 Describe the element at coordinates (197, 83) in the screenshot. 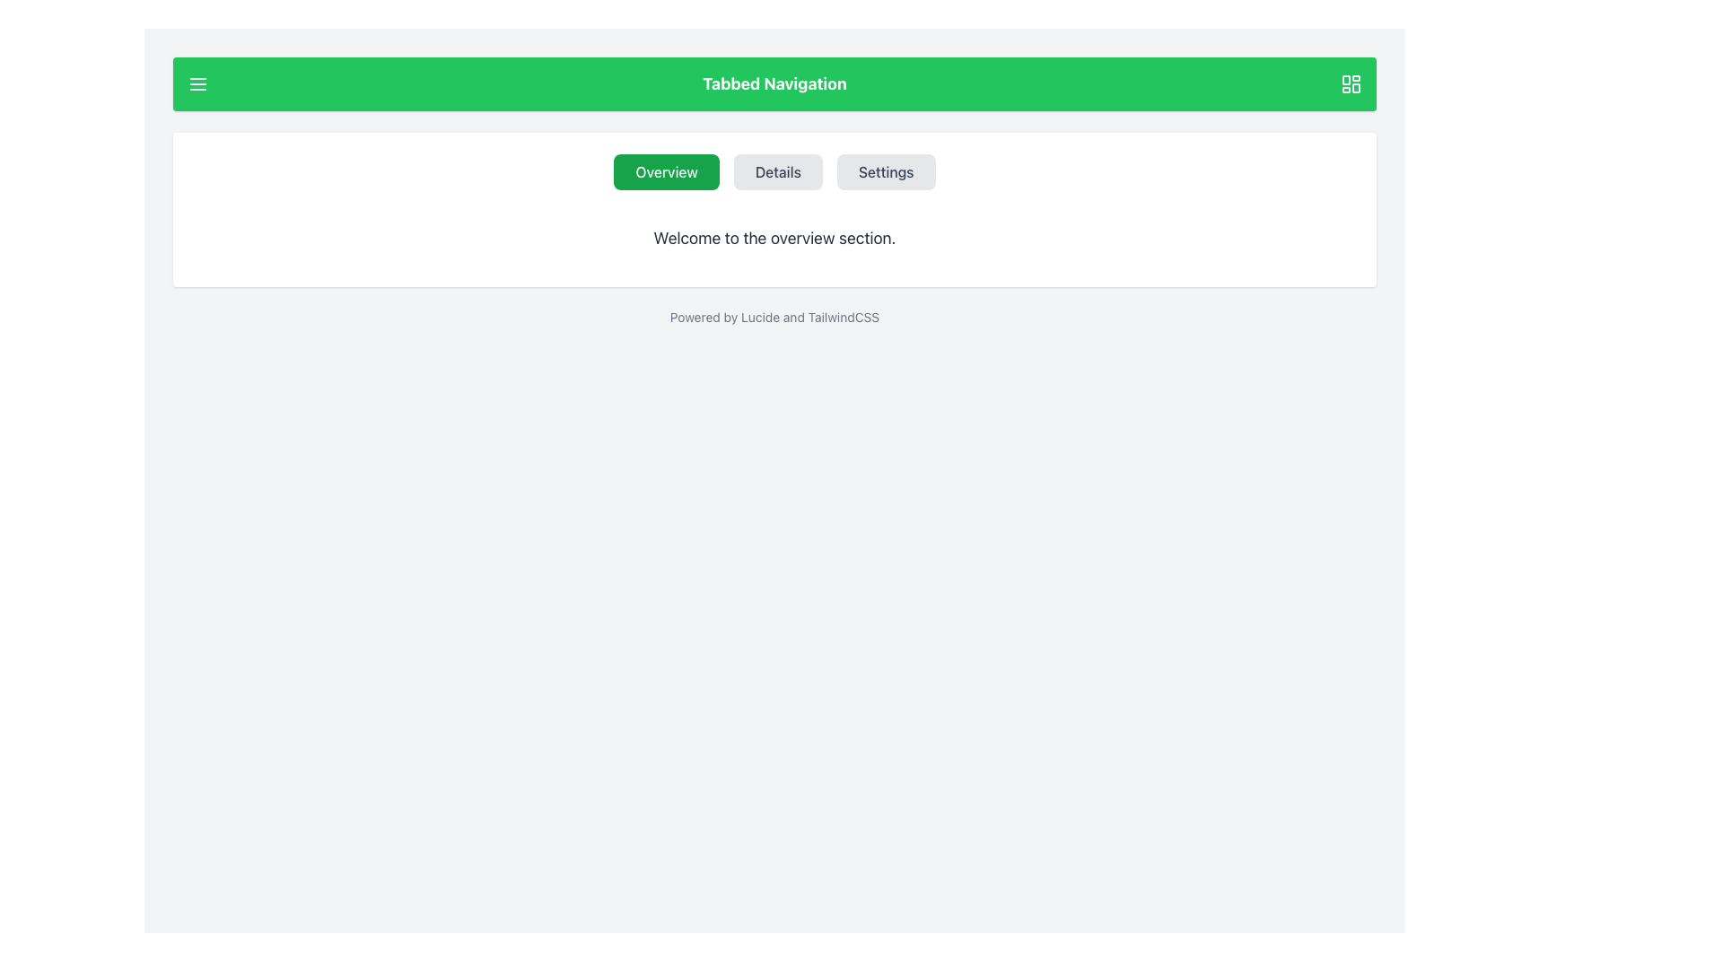

I see `the Hamburger Menu Icon located at the top-left corner of the green header bar` at that location.